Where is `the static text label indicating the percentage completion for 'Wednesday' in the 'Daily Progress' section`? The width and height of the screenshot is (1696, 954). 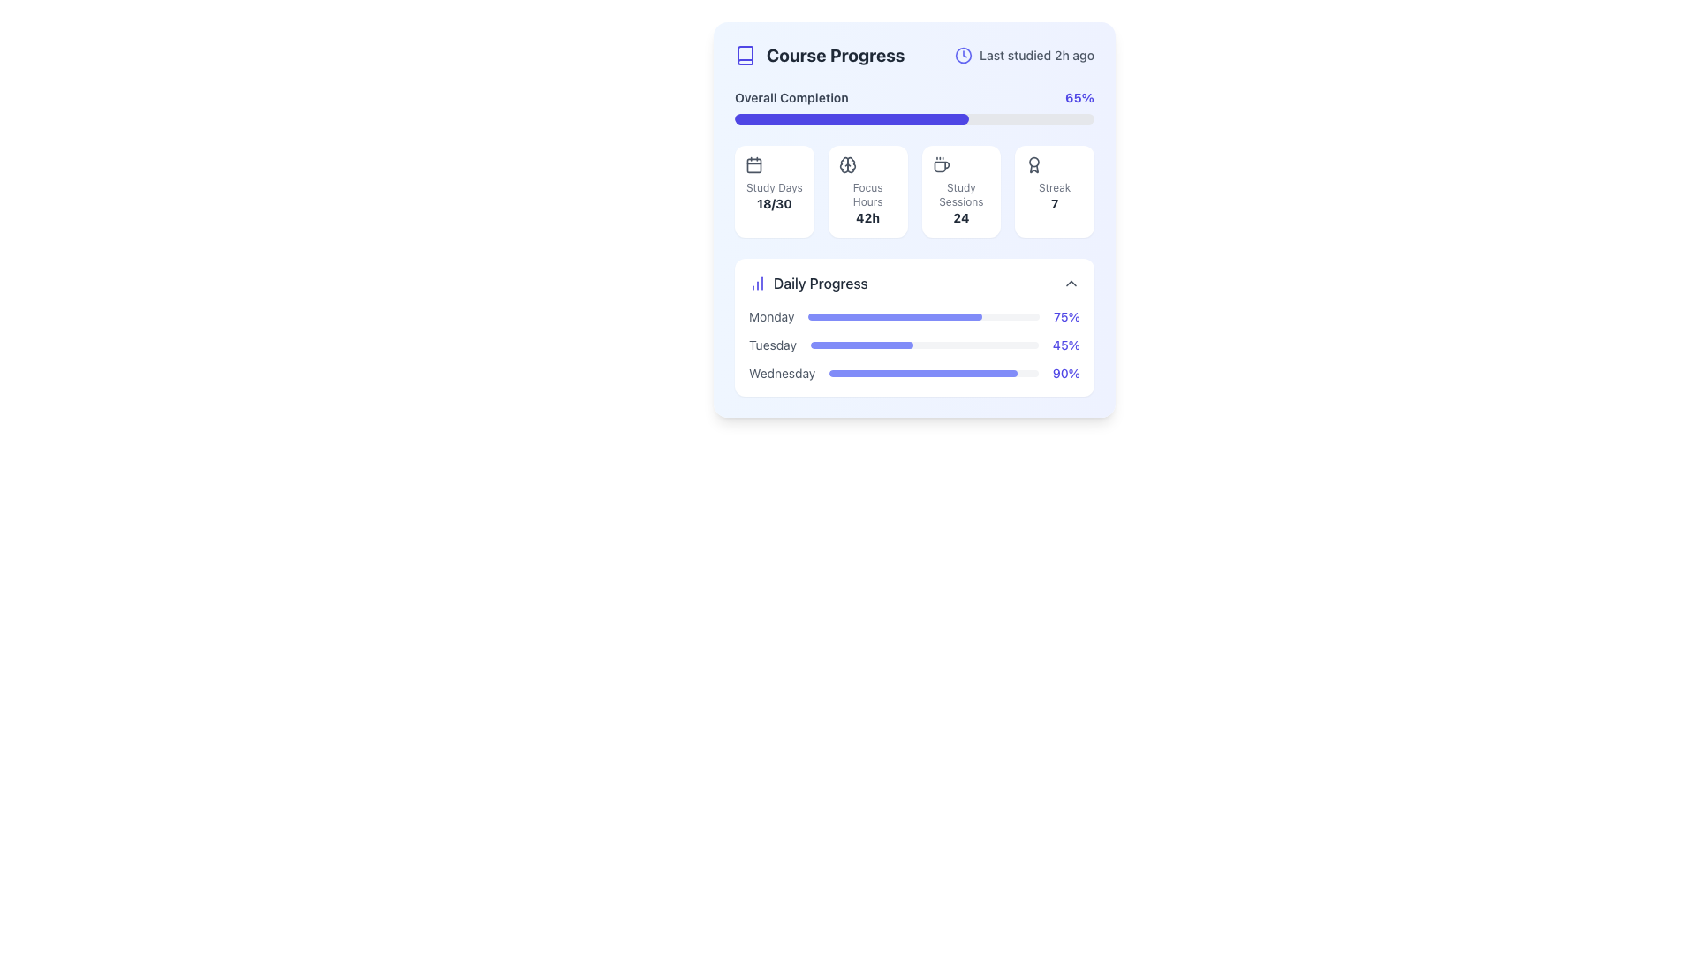 the static text label indicating the percentage completion for 'Wednesday' in the 'Daily Progress' section is located at coordinates (1065, 373).